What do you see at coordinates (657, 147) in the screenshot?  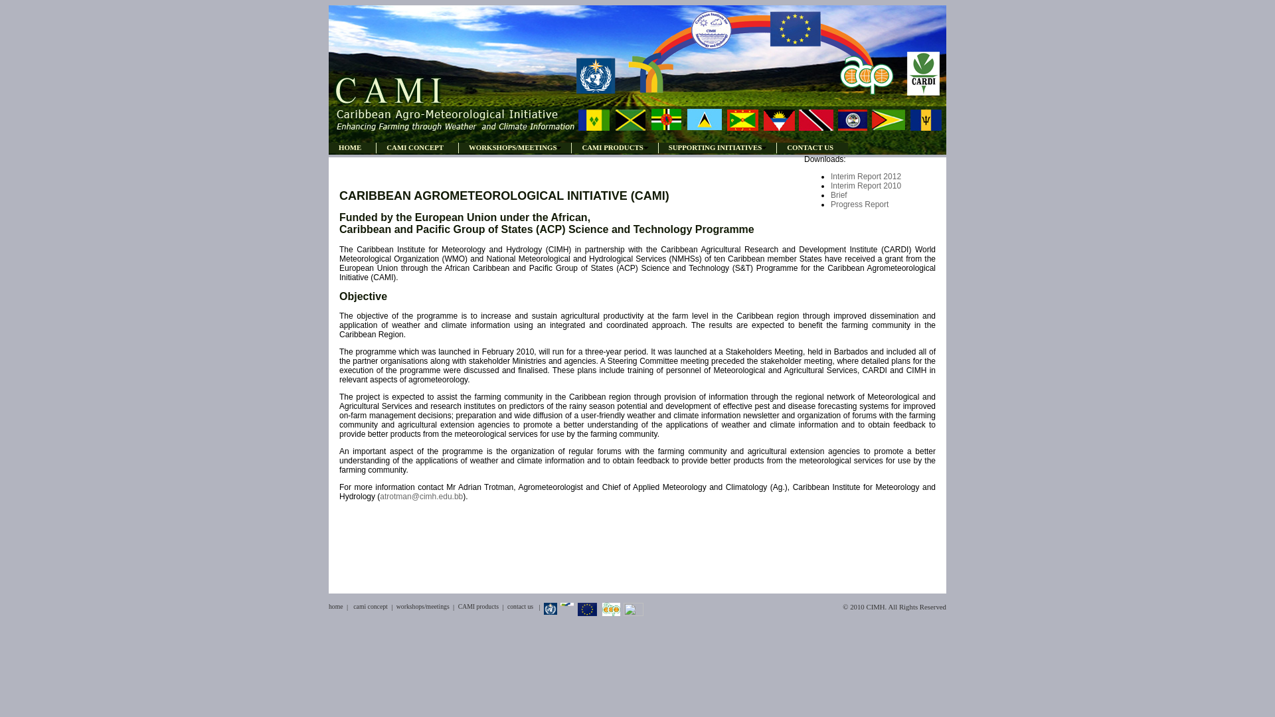 I see `'SUPPORTING INITIATIVES'` at bounding box center [657, 147].